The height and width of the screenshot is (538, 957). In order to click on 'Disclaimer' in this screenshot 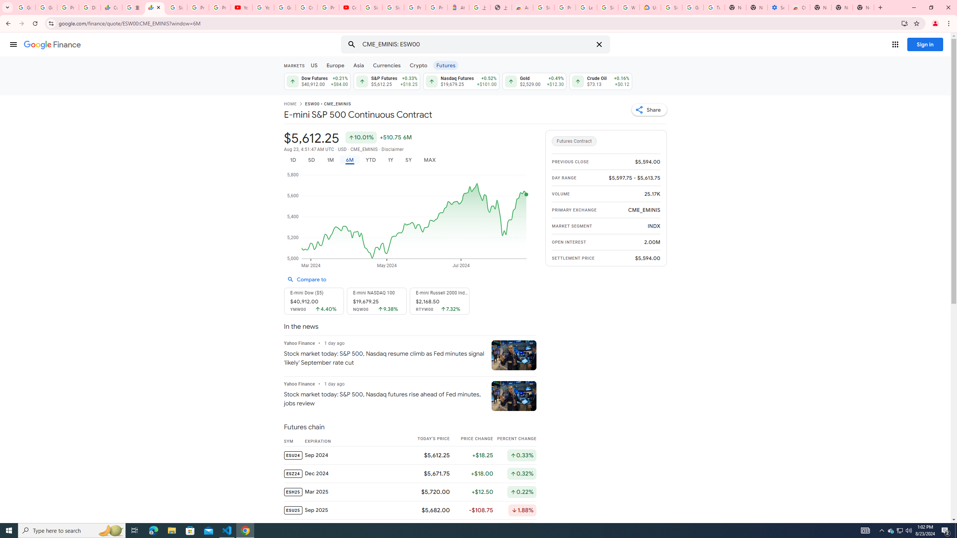, I will do `click(392, 149)`.